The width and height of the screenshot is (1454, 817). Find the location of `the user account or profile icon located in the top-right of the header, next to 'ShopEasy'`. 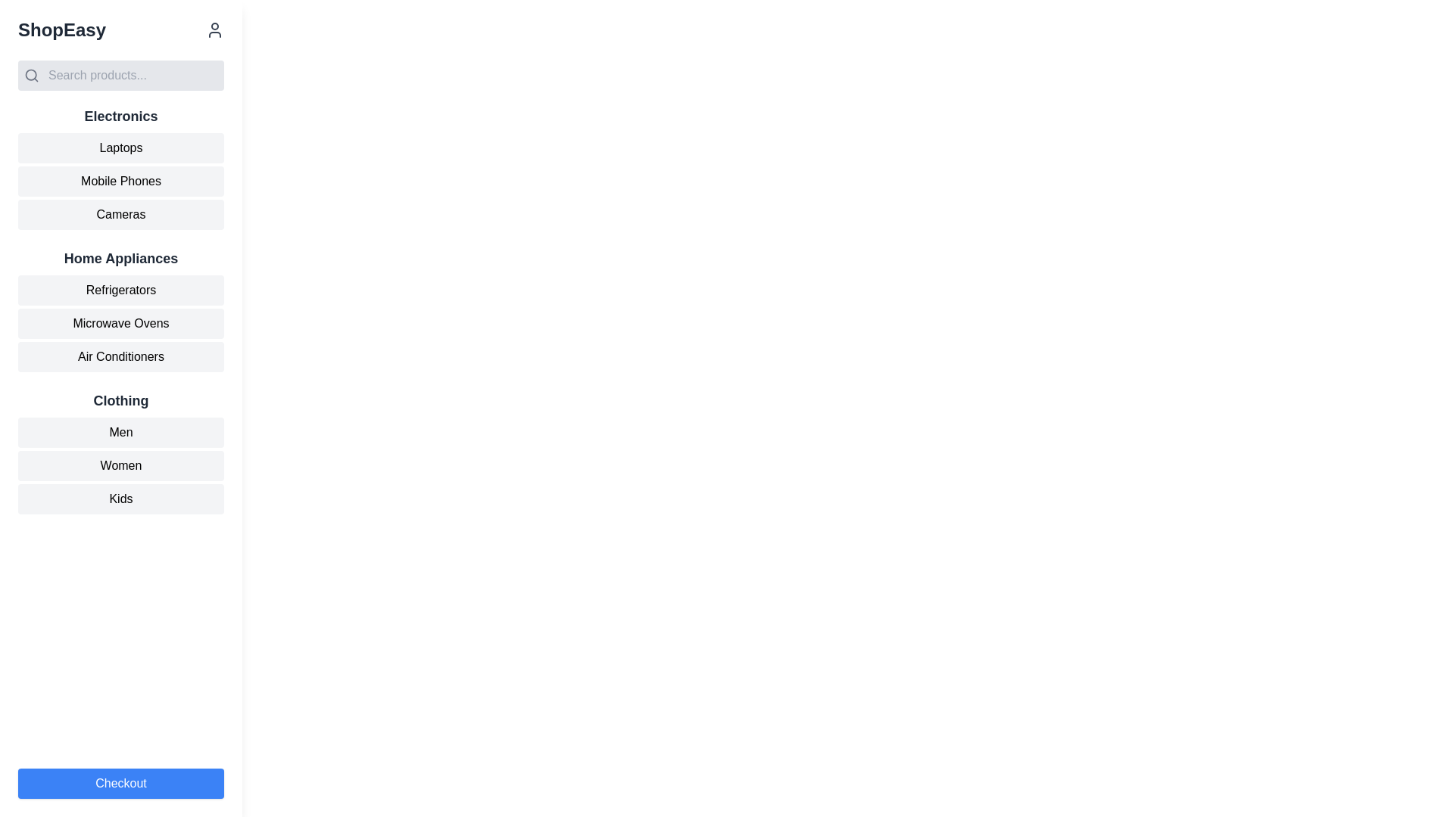

the user account or profile icon located in the top-right of the header, next to 'ShopEasy' is located at coordinates (214, 30).